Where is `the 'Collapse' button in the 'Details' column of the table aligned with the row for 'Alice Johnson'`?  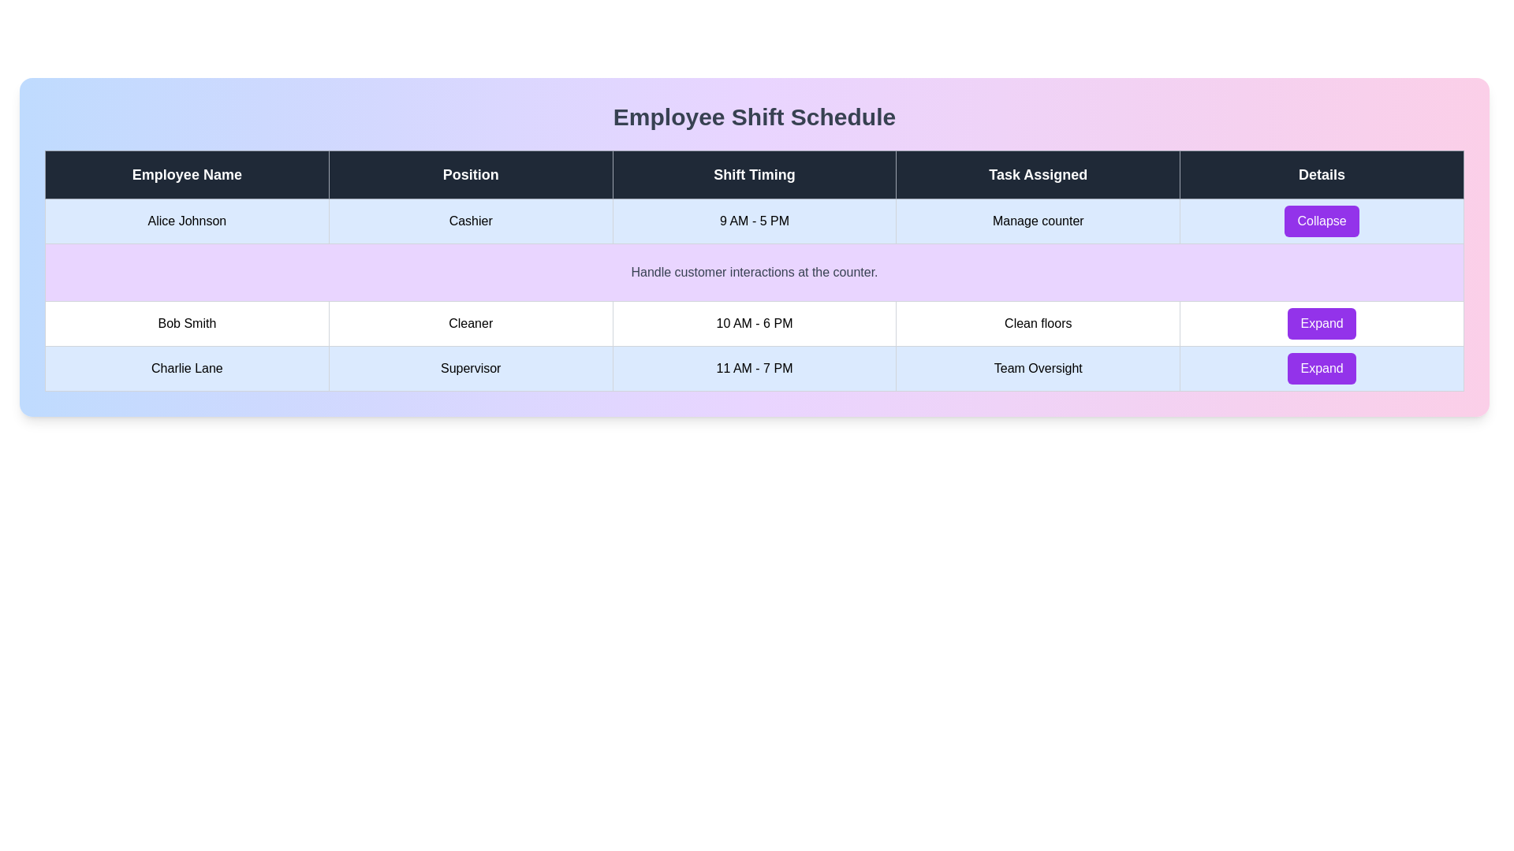 the 'Collapse' button in the 'Details' column of the table aligned with the row for 'Alice Johnson' is located at coordinates (1322, 221).